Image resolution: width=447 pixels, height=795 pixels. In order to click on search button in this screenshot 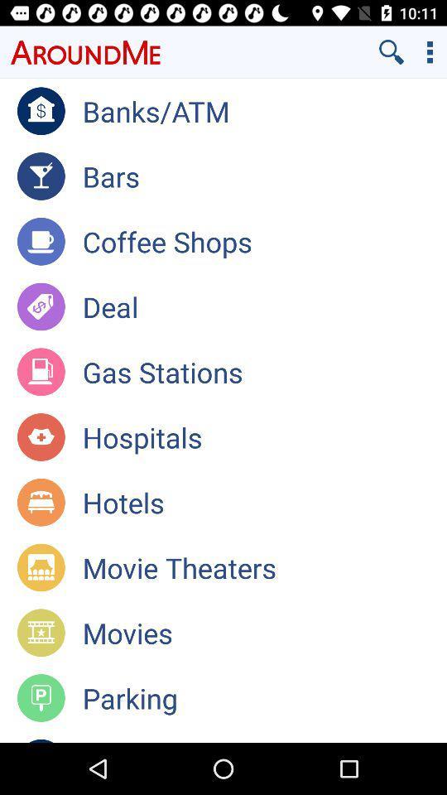, I will do `click(391, 51)`.